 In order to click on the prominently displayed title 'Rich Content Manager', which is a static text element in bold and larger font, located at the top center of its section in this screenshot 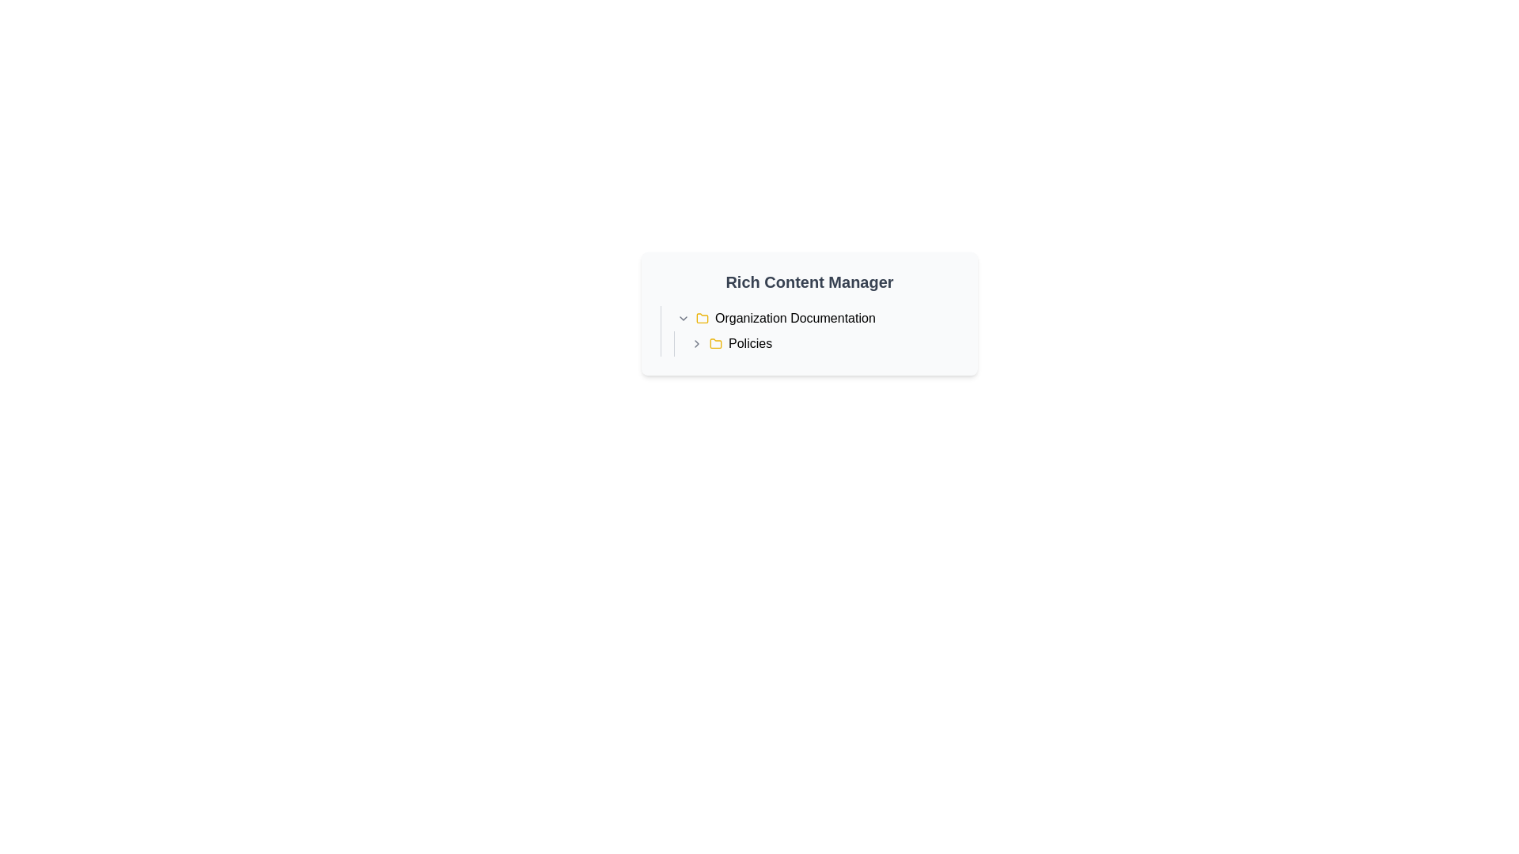, I will do `click(809, 282)`.